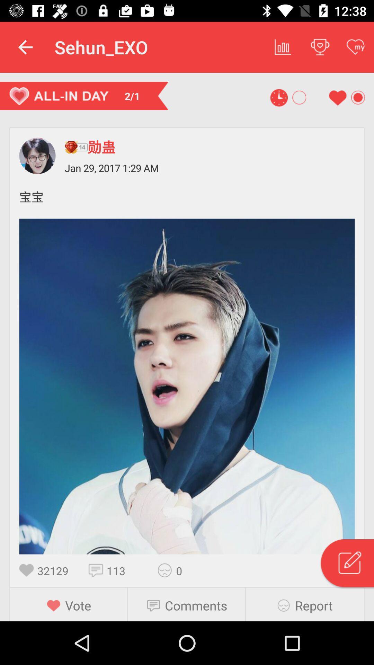  I want to click on the icon to the left of the 32129, so click(28, 570).